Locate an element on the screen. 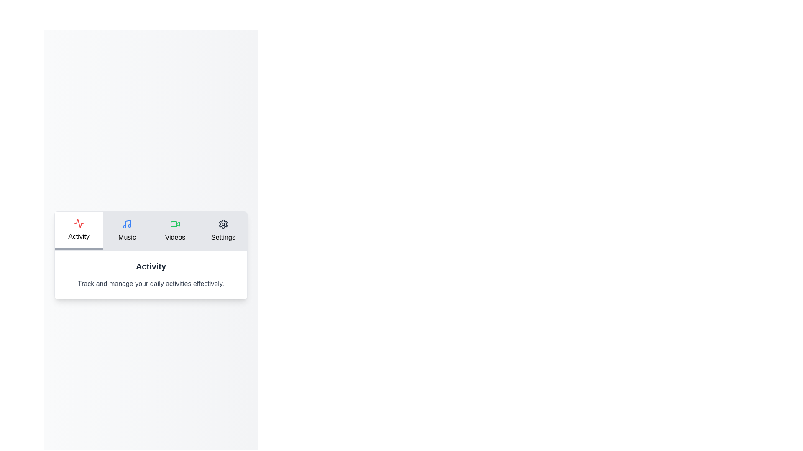 This screenshot has width=803, height=451. the Activity tab to view its content is located at coordinates (79, 231).